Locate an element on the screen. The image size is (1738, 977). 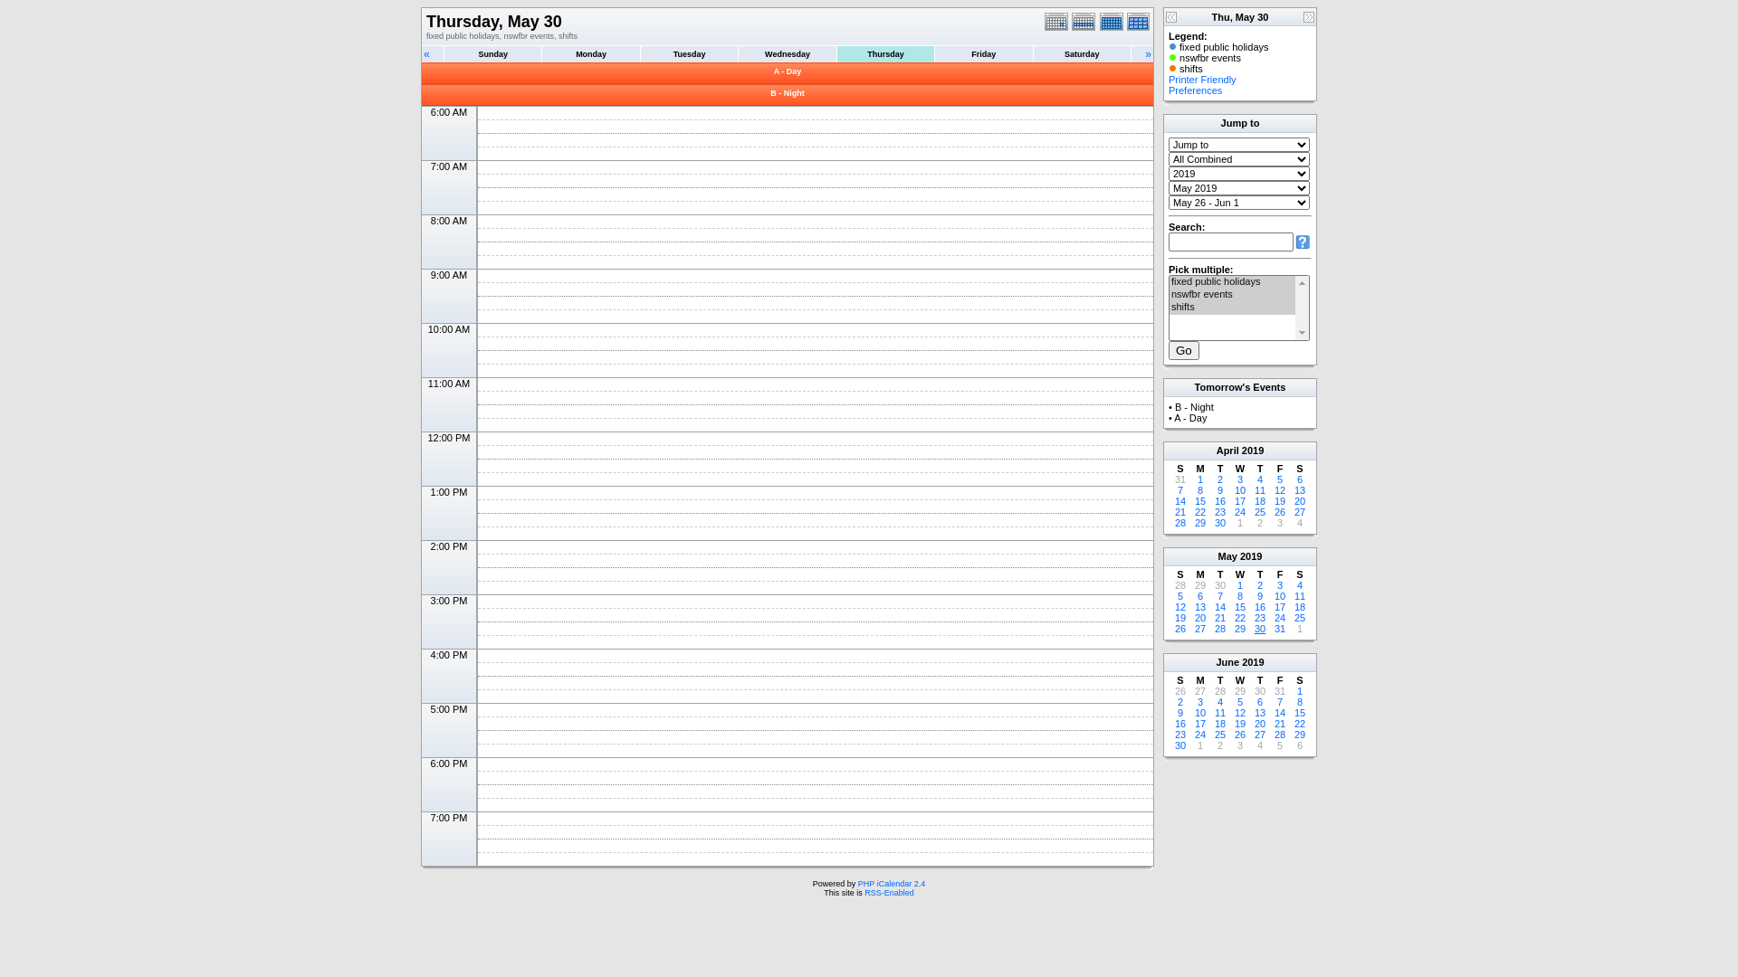
'24' is located at coordinates (1279, 616).